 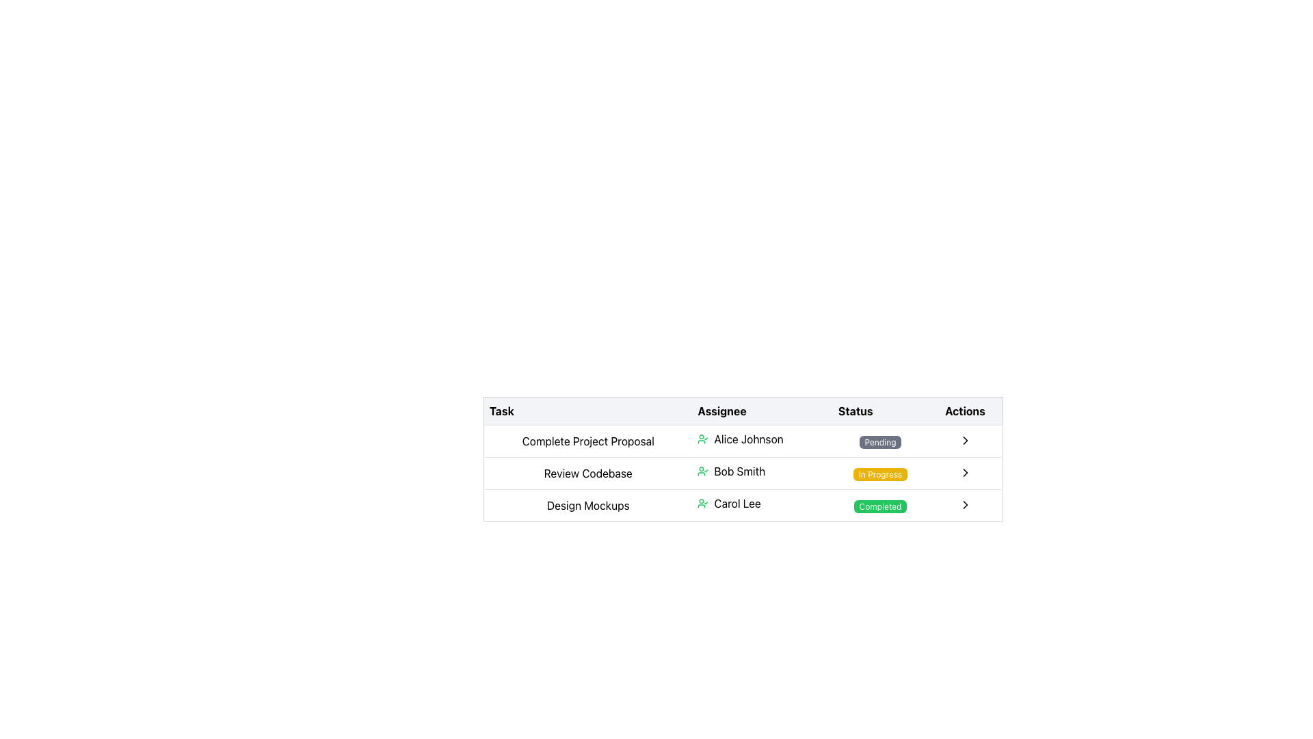 What do you see at coordinates (703, 471) in the screenshot?
I see `the Icon representing the status of the assignee 'Bob Smith', located to the left of the text in the second row of the table under the 'Assignee' column` at bounding box center [703, 471].